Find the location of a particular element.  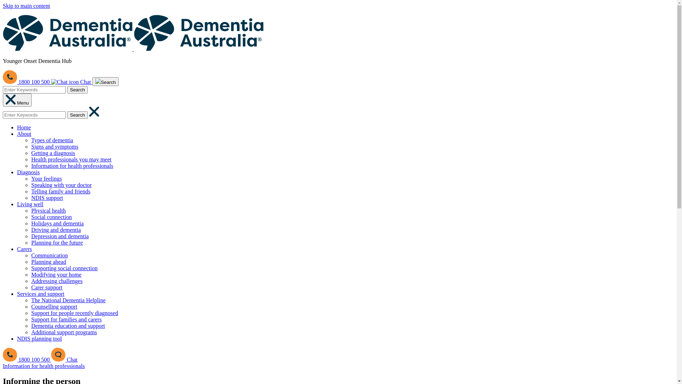

'Services and support' is located at coordinates (40, 294).